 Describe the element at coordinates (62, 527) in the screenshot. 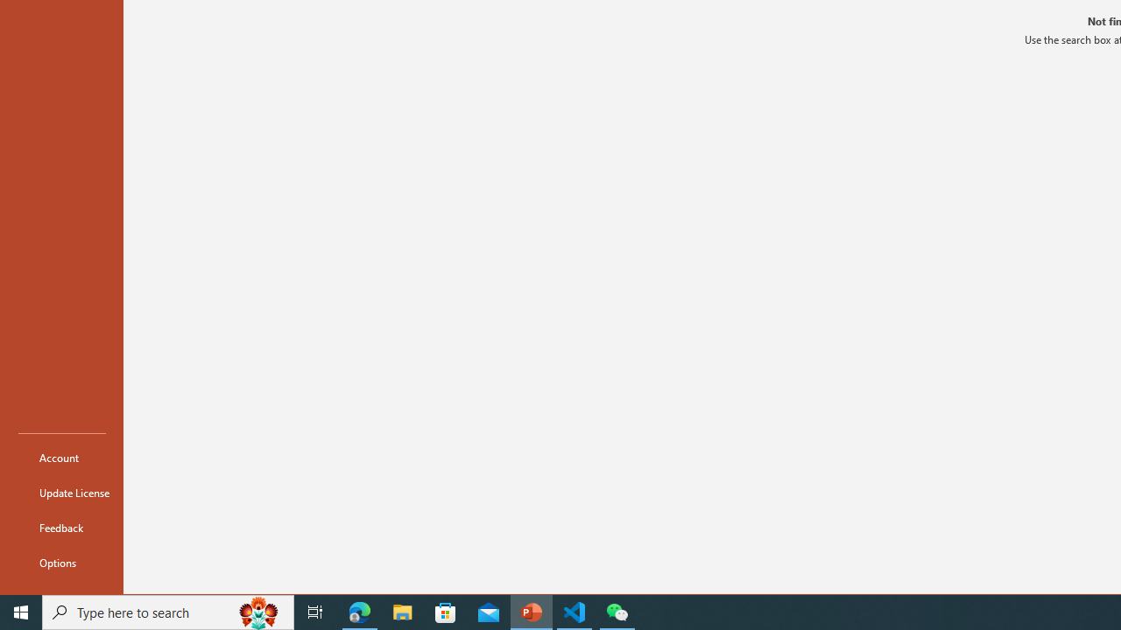

I see `'Feedback'` at that location.